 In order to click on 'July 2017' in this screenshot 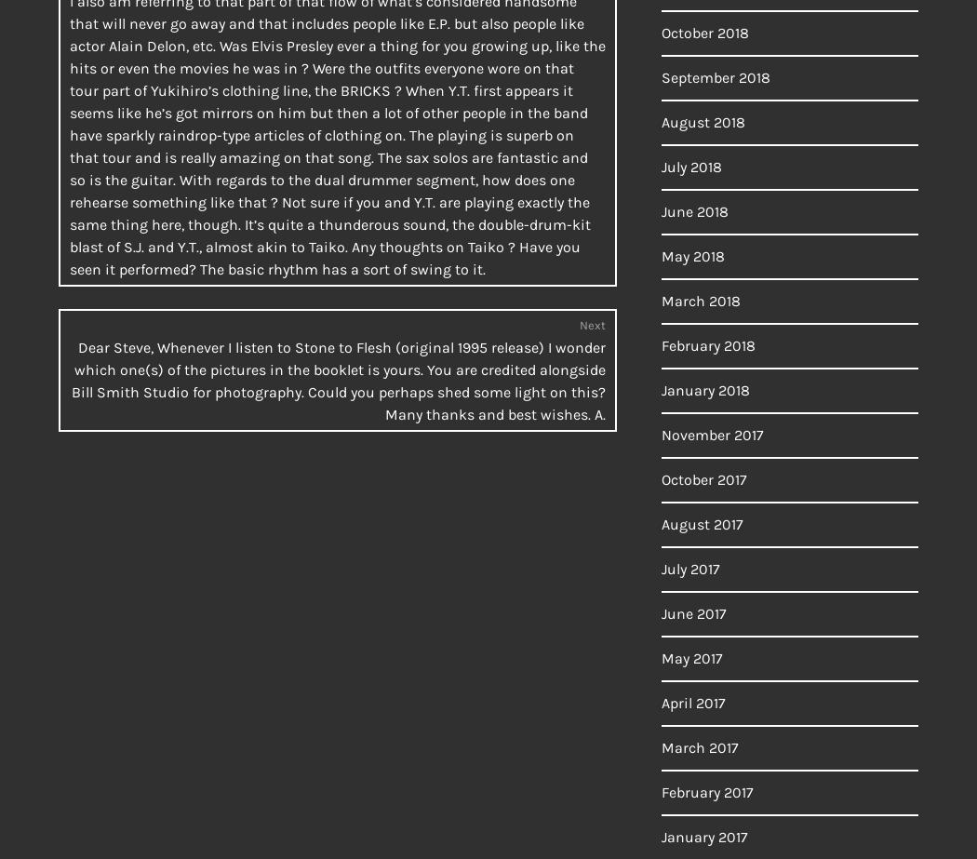, I will do `click(689, 568)`.